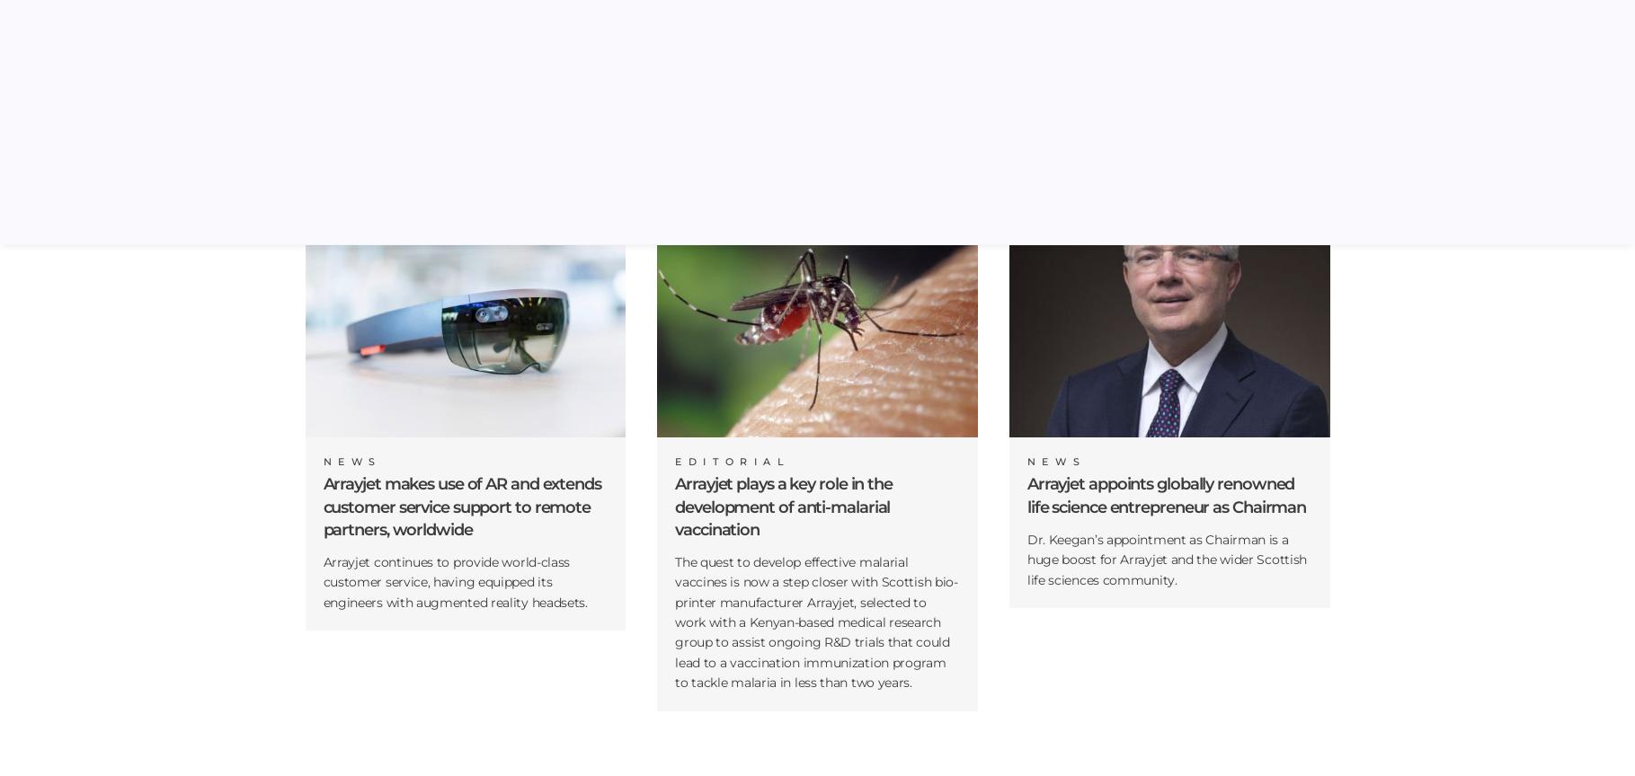  What do you see at coordinates (323, 580) in the screenshot?
I see `'Arrayjet continues to provide world-class customer service, having equipped its engineers with augmented reality headsets.'` at bounding box center [323, 580].